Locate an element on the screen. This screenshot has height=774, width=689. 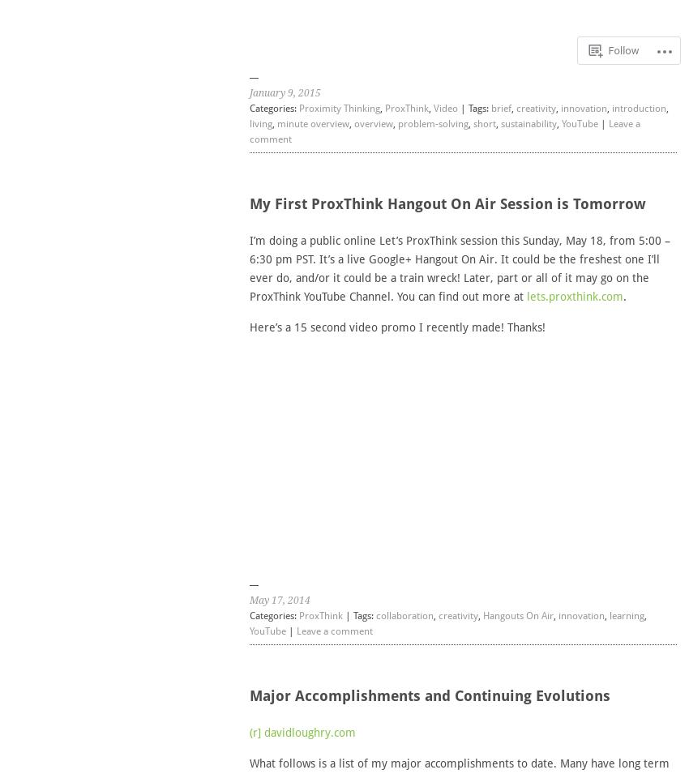
'learning' is located at coordinates (625, 614).